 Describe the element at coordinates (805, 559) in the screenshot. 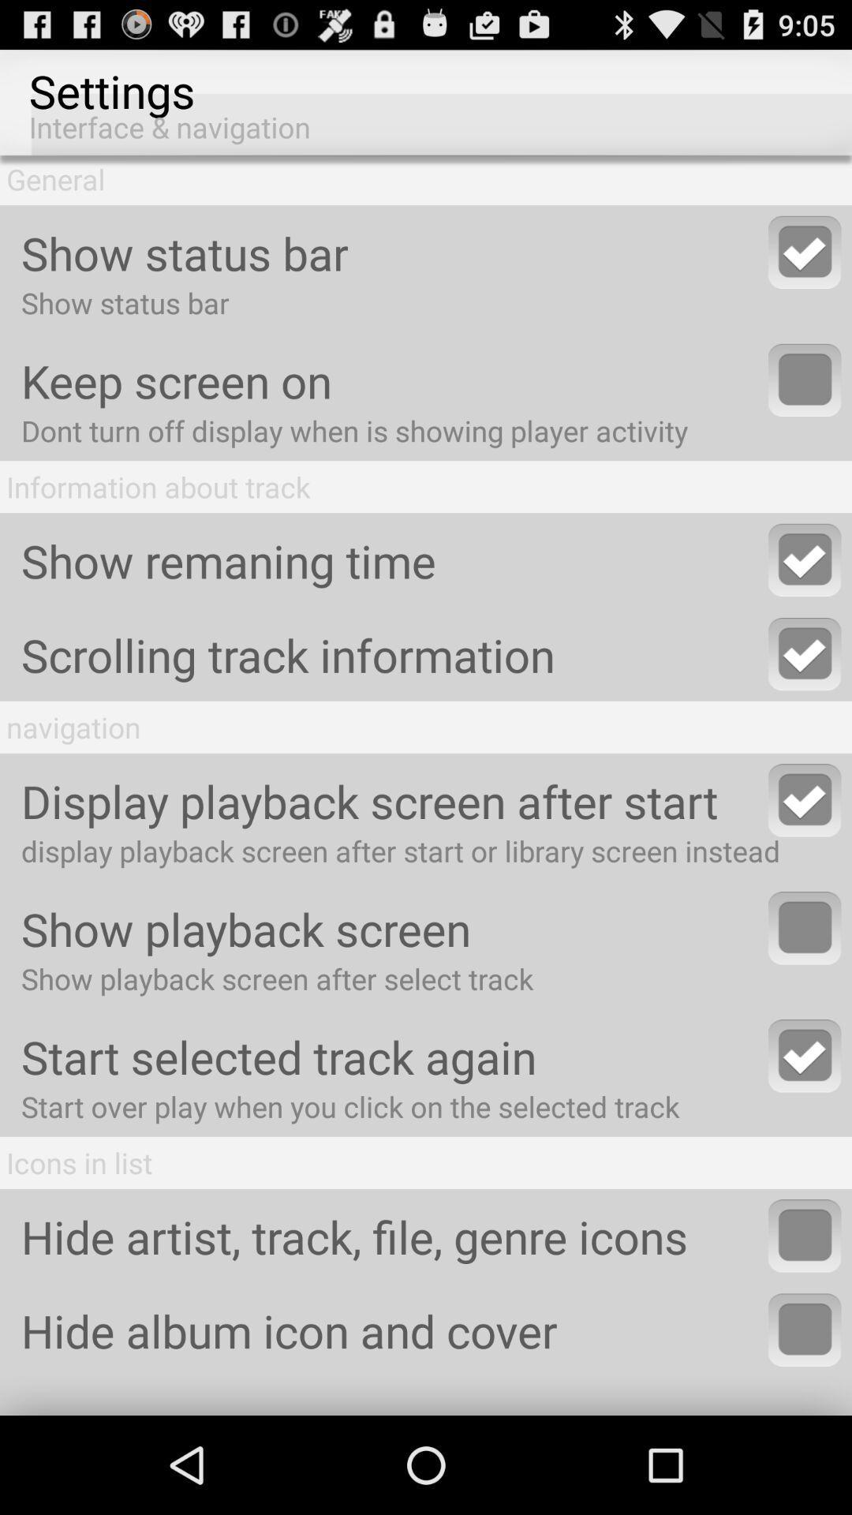

I see `show remaining time option` at that location.